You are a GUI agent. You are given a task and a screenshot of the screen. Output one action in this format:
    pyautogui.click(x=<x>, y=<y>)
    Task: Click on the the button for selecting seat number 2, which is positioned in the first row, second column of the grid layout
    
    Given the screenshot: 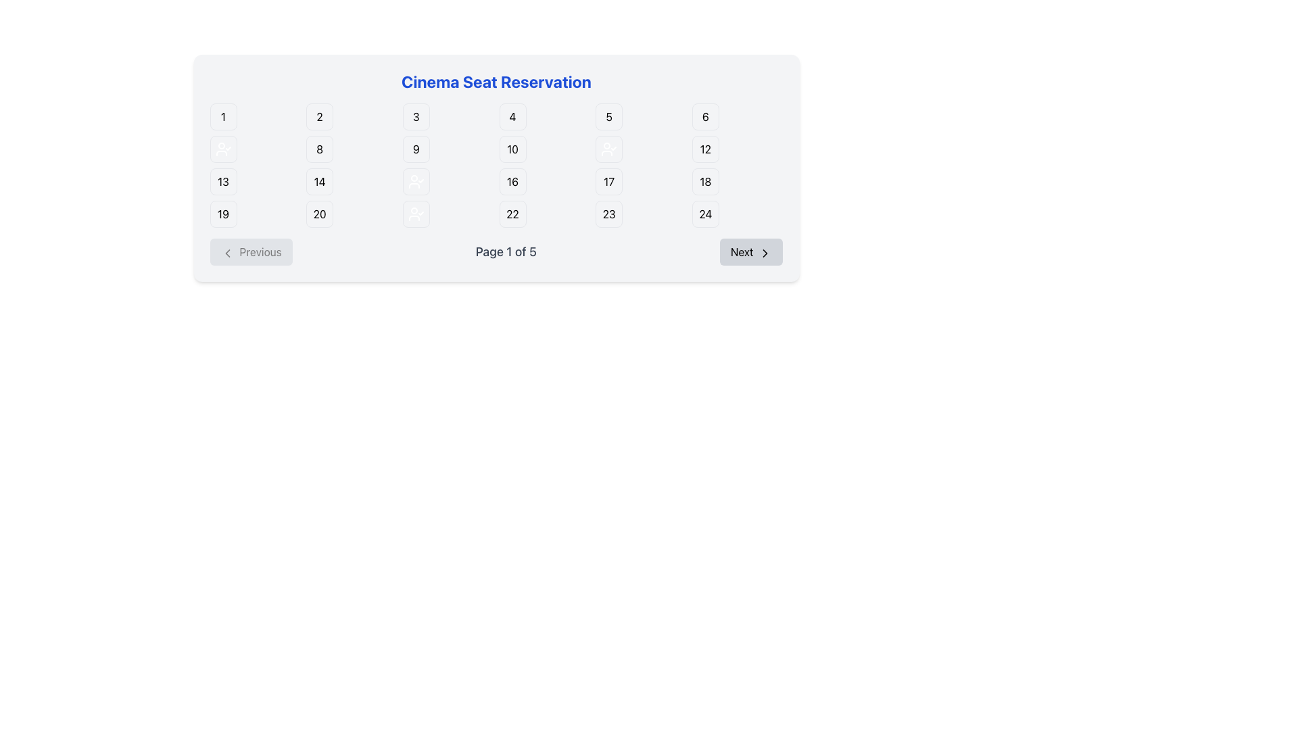 What is the action you would take?
    pyautogui.click(x=319, y=116)
    